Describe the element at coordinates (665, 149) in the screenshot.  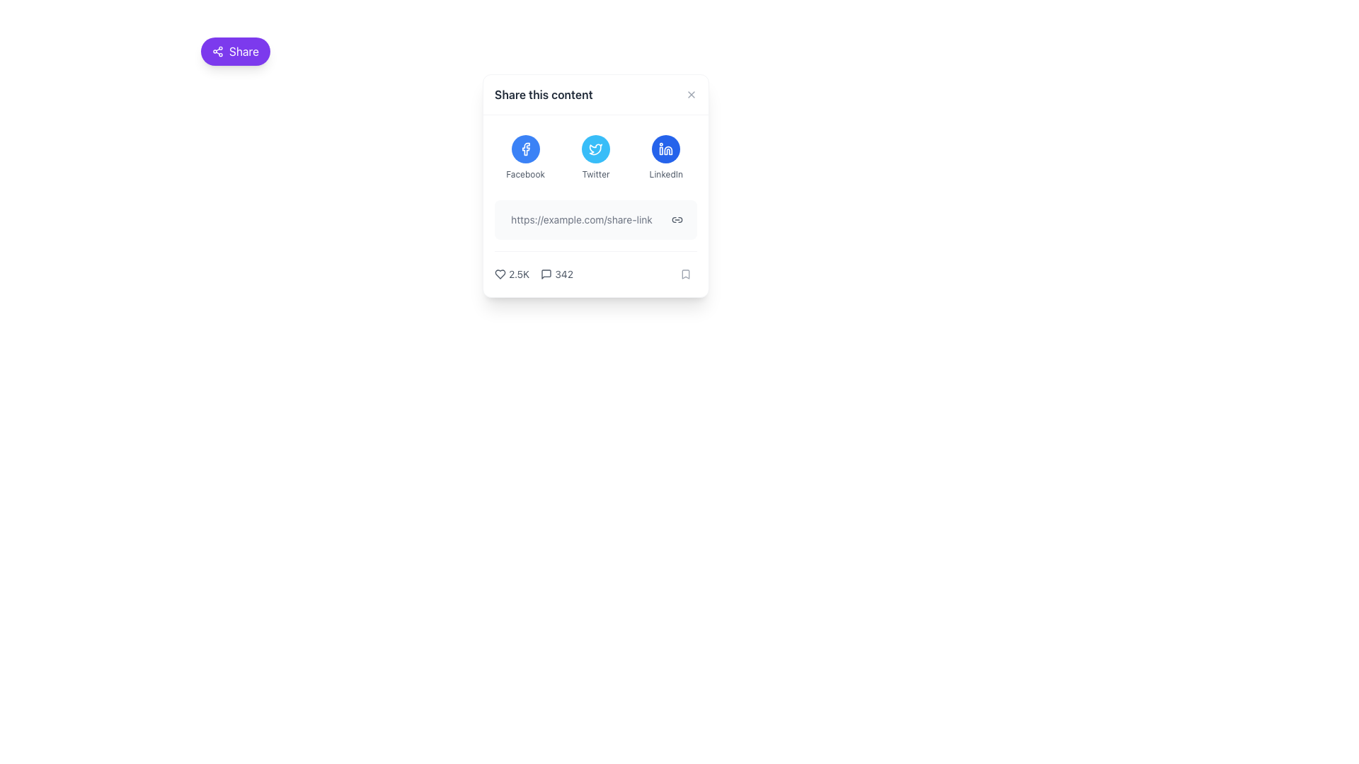
I see `the LinkedIn icon button, which is a blue circular button containing the LinkedIn logo` at that location.